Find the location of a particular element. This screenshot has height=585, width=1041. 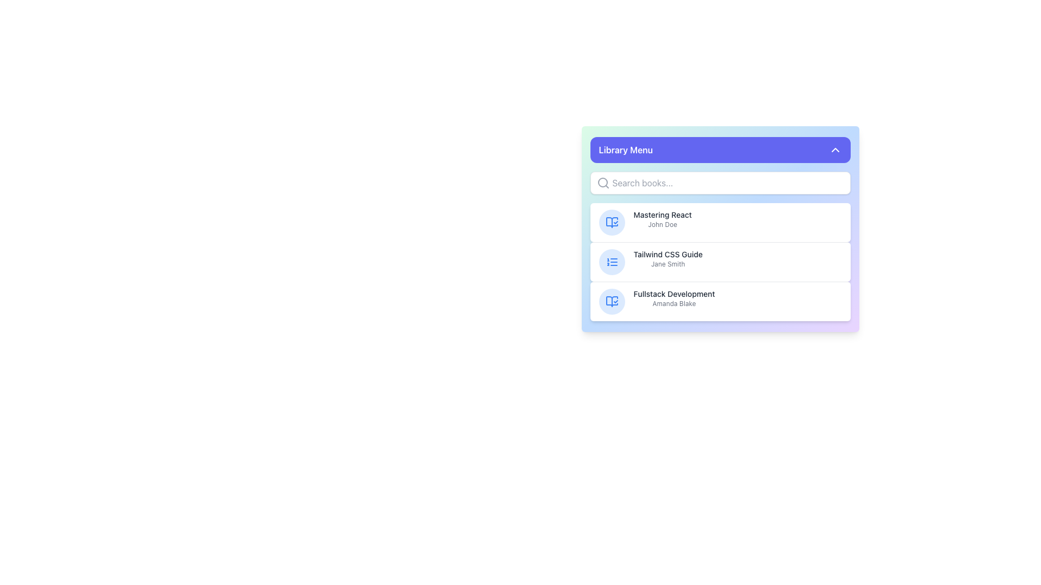

the list item titled 'Fullstack Development' authored by 'Amanda Blake' is located at coordinates (720, 301).